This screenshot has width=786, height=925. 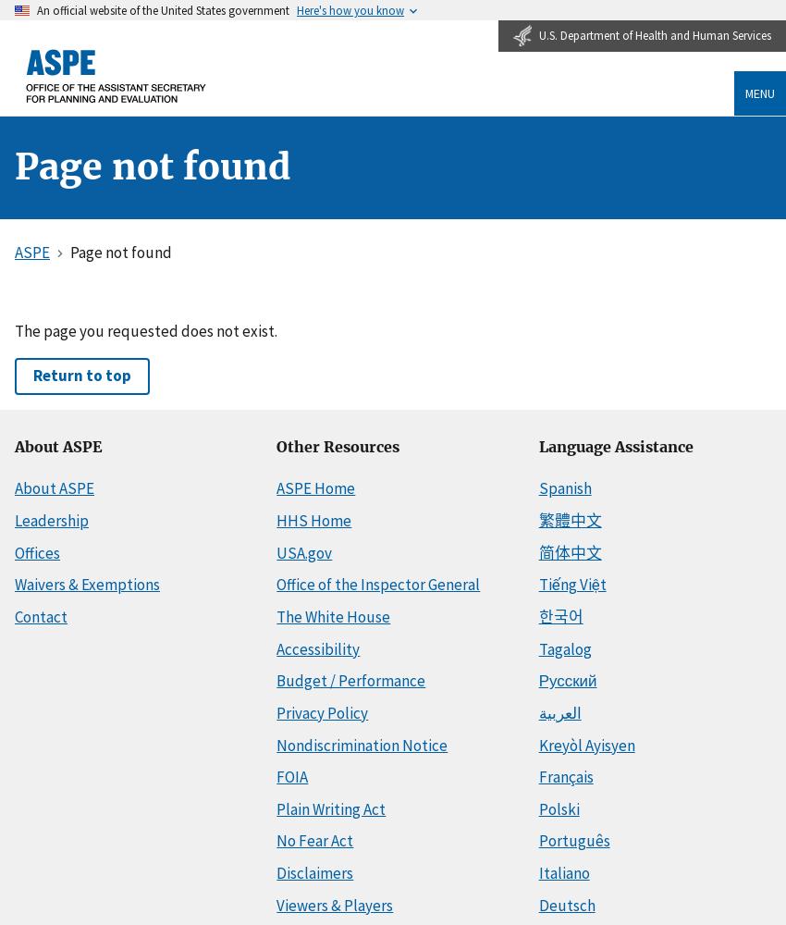 I want to click on 'Office of the Inspector General', so click(x=378, y=585).